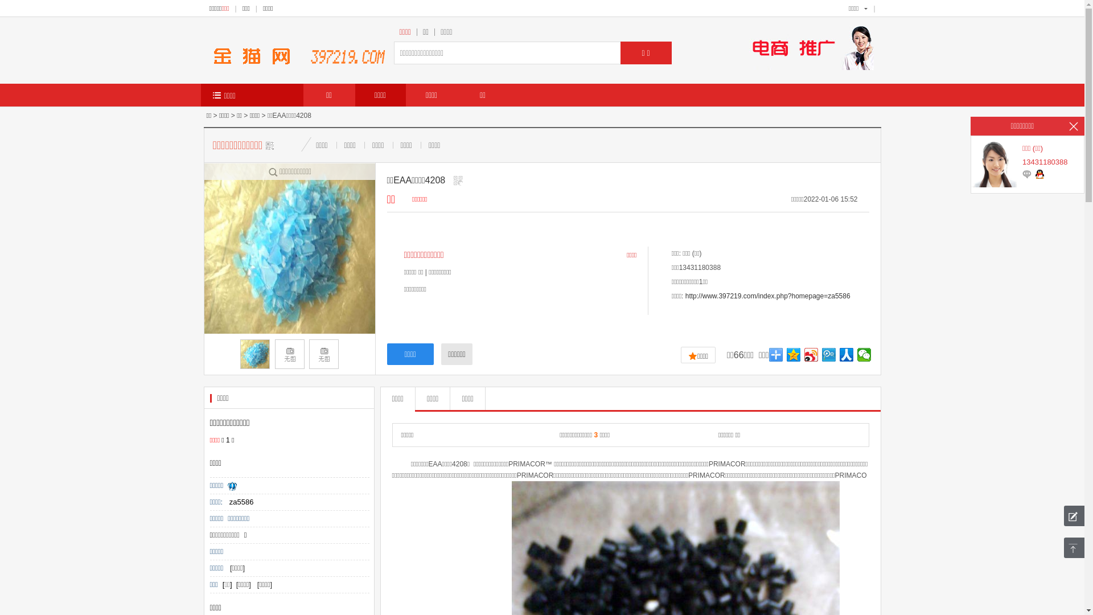  Describe the element at coordinates (767, 296) in the screenshot. I see `'http://www.397219.com/index.php?homepage=za5586'` at that location.